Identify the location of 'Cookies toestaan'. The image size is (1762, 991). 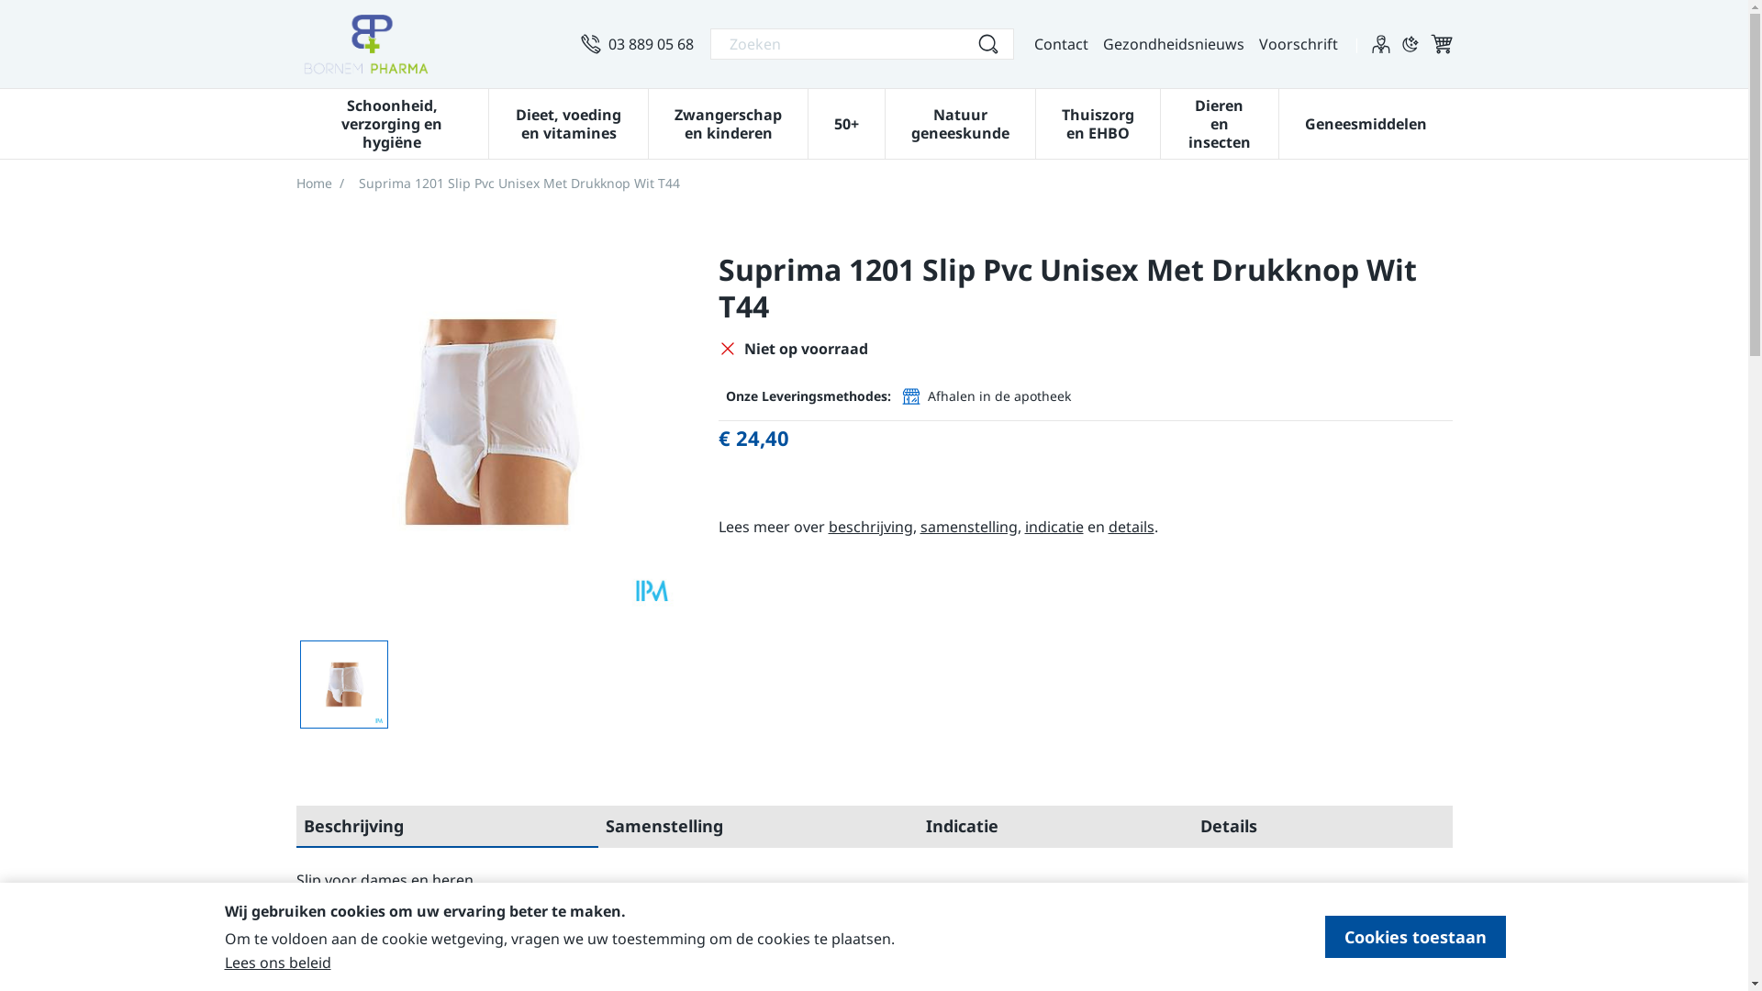
(1414, 937).